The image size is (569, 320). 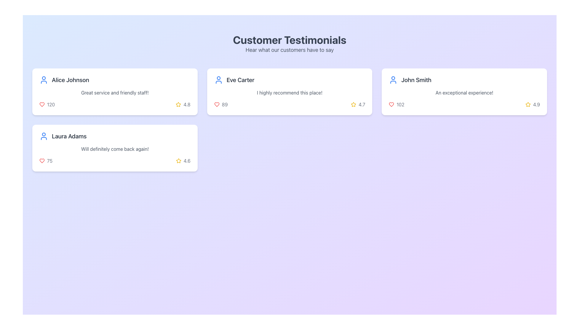 I want to click on the star icon located in the lower-left card, adjacent to the '4.6' text and to the right of the '75' heart count, so click(x=178, y=161).